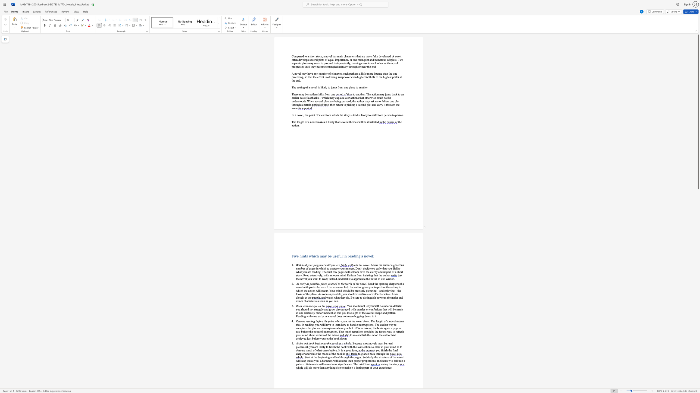 The height and width of the screenshot is (393, 700). What do you see at coordinates (343, 350) in the screenshot?
I see `the subset text "a good idea" within the text "a good idea"` at bounding box center [343, 350].